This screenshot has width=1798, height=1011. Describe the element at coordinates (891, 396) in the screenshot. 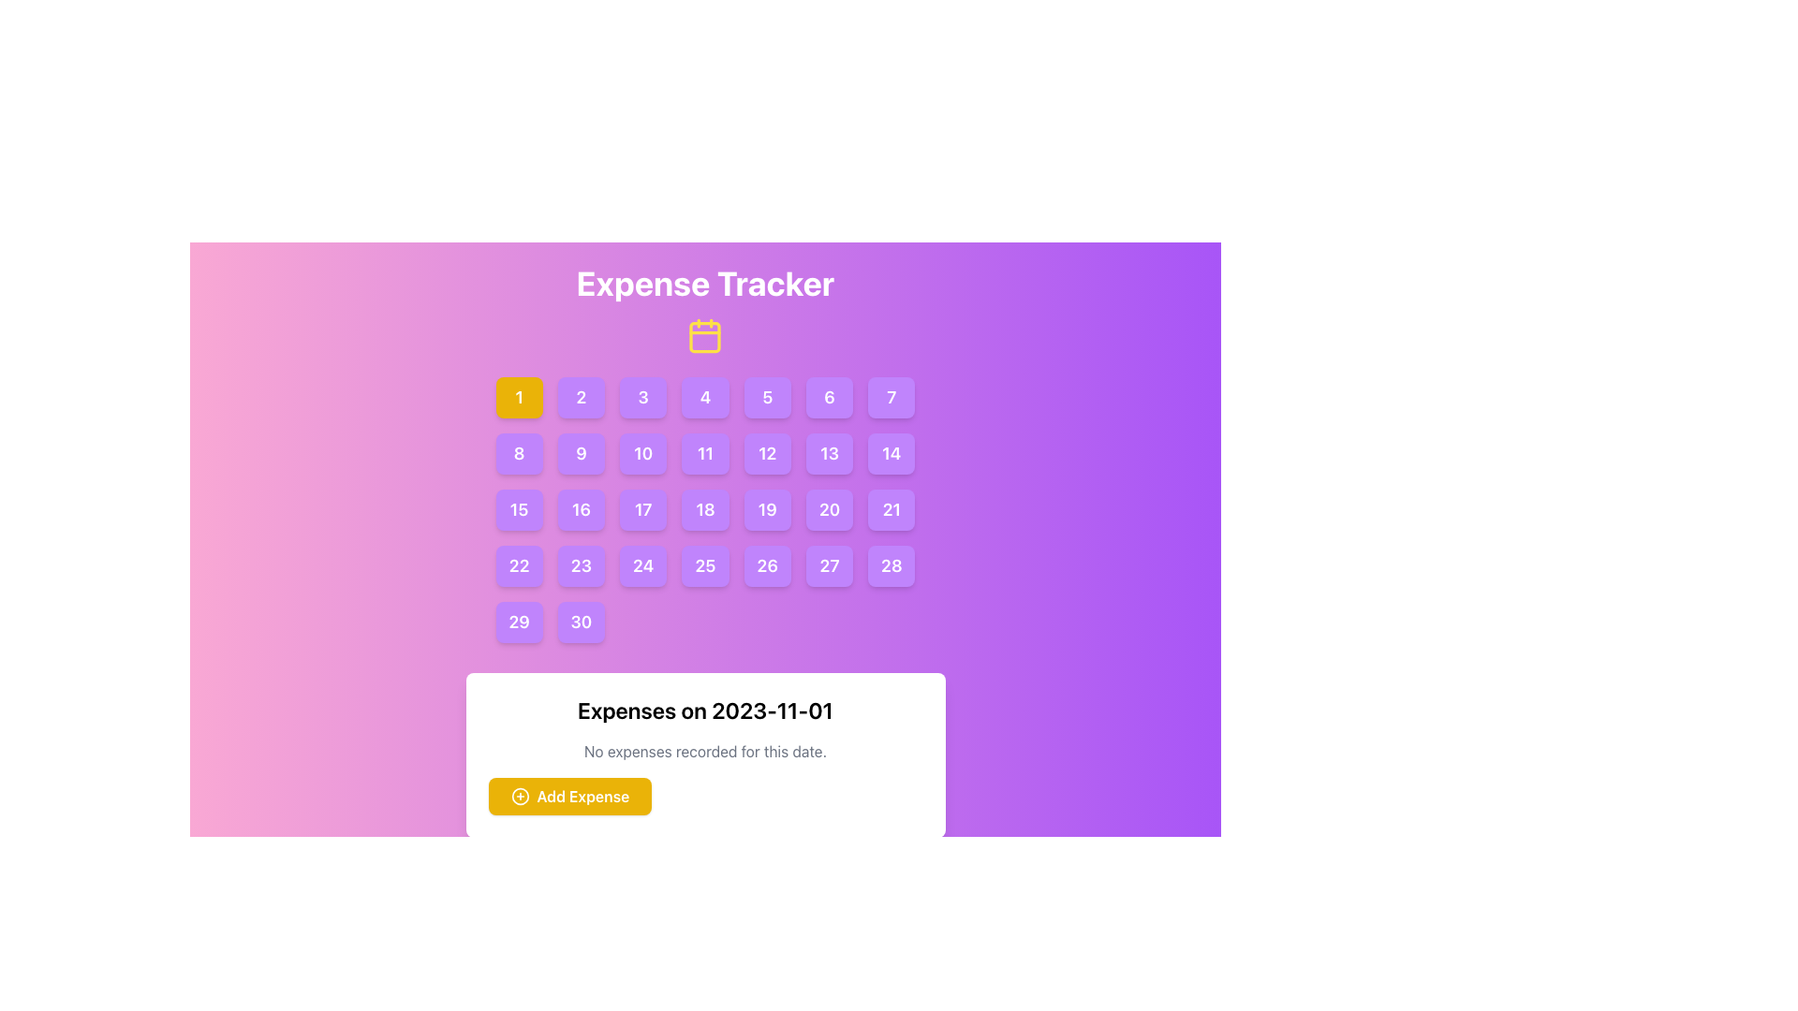

I see `the calendar button representing the seventh day in the first row` at that location.